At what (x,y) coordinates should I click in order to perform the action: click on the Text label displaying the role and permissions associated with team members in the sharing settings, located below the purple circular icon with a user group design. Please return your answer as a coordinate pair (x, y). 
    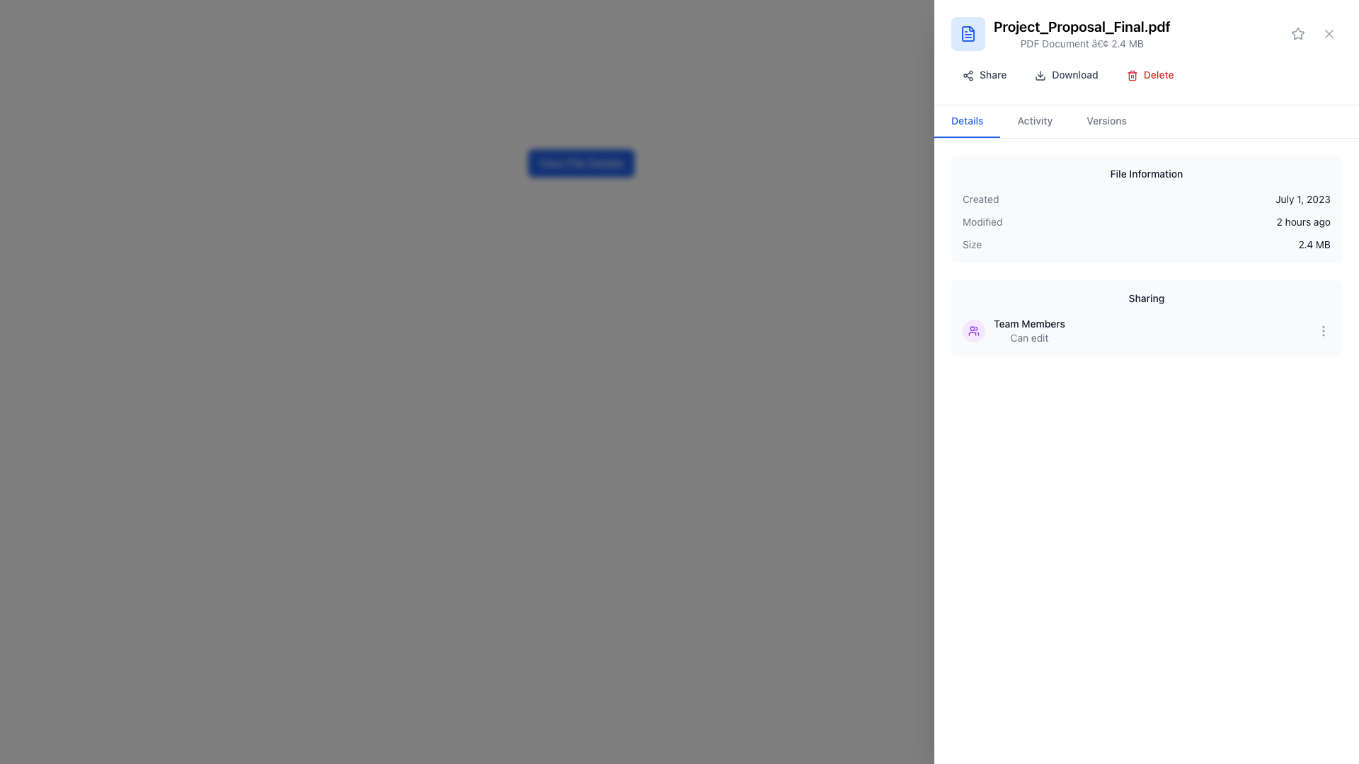
    Looking at the image, I should click on (1029, 330).